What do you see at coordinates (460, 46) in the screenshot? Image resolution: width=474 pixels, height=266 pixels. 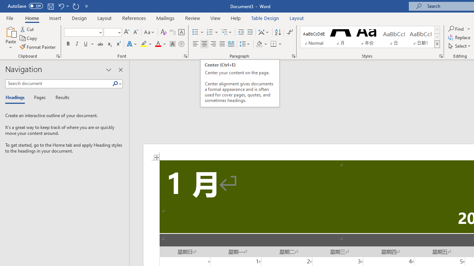 I see `'Select'` at bounding box center [460, 46].